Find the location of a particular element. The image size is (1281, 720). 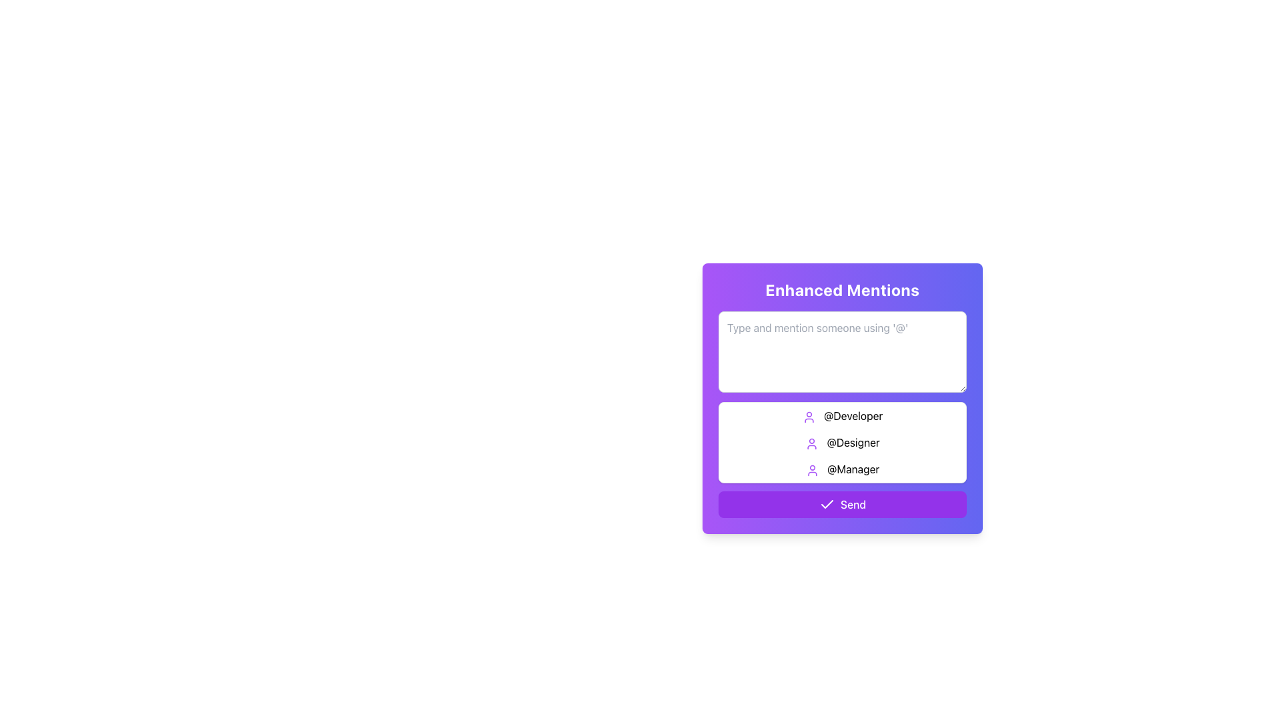

the '@Designer' option in the dropdown menu located directly below the text input box with the placeholder 'Type and mention someone using "@"' is located at coordinates (841, 442).